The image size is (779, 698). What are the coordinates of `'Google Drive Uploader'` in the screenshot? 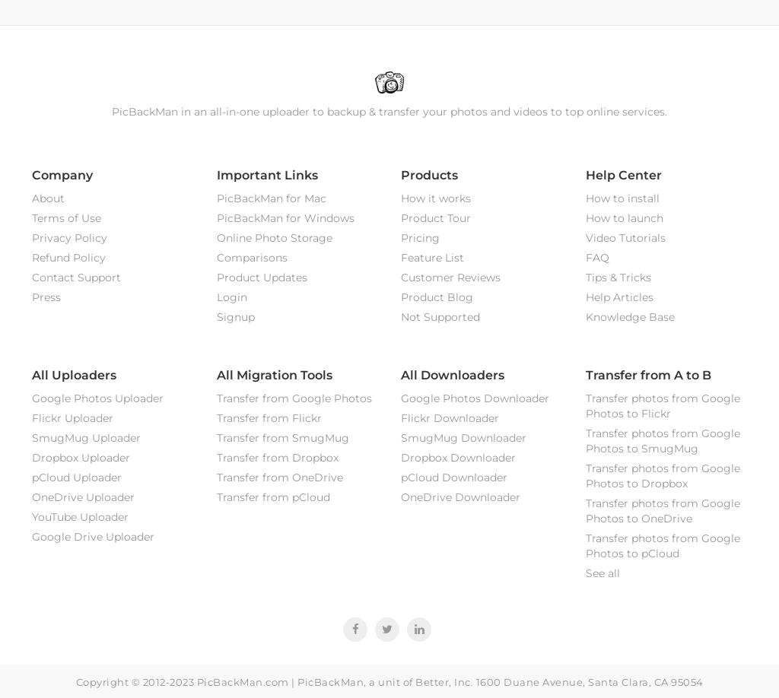 It's located at (93, 535).